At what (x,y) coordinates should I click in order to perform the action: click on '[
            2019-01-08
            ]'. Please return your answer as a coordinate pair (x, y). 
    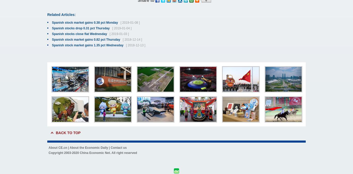
    Looking at the image, I should click on (129, 23).